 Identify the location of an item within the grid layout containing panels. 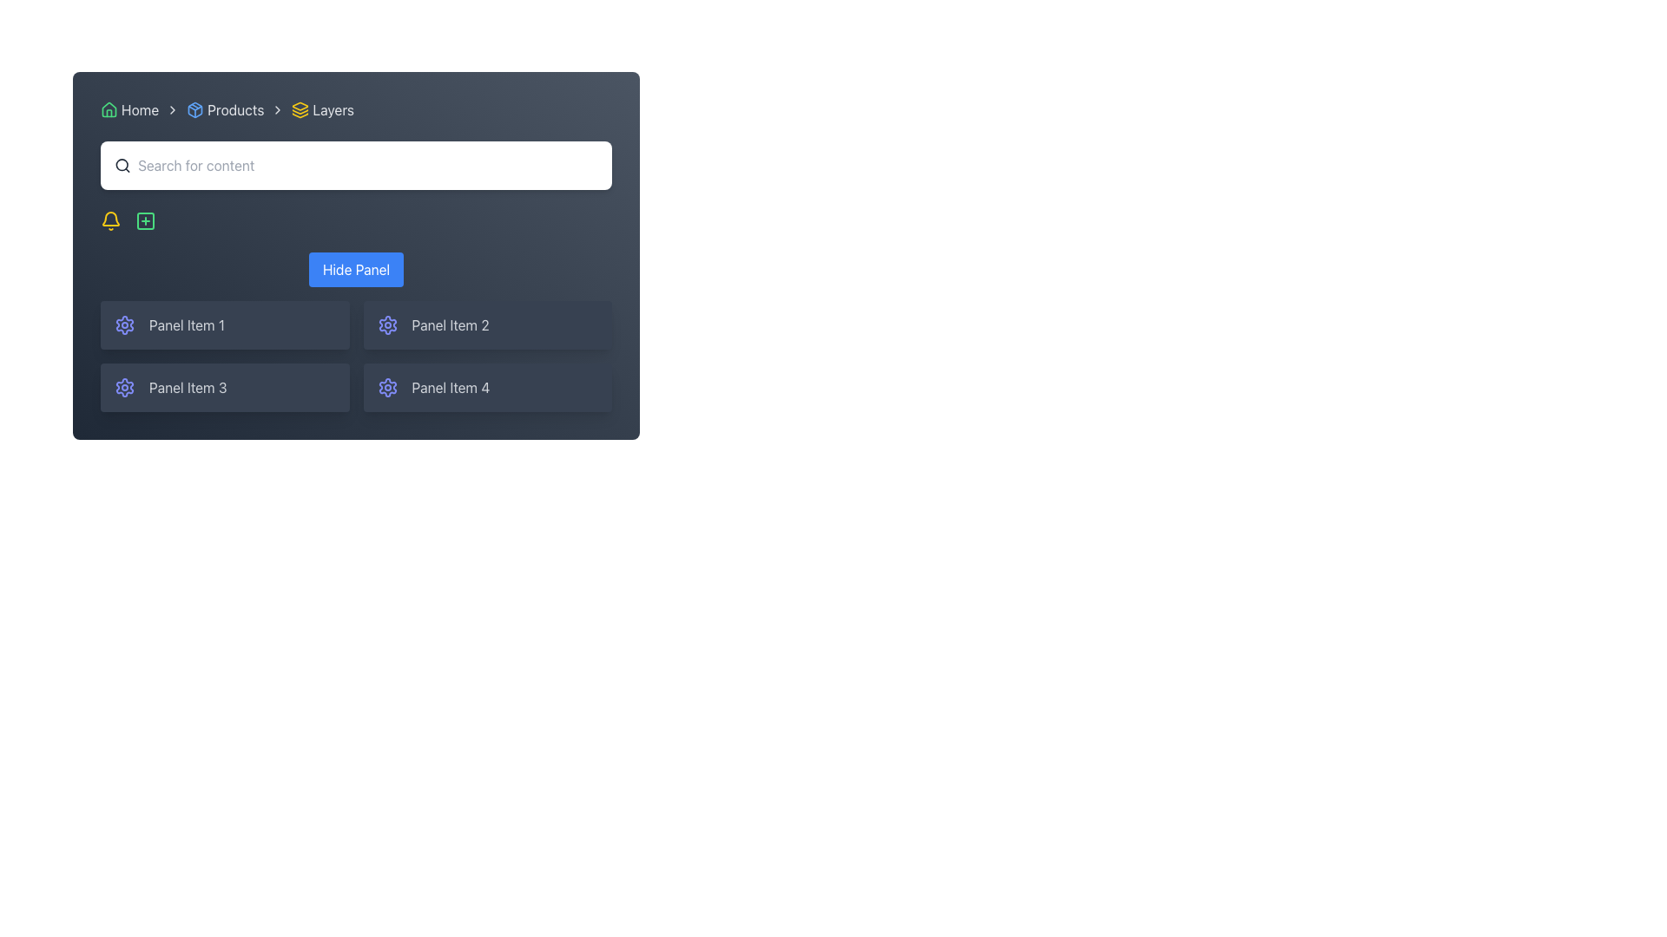
(355, 356).